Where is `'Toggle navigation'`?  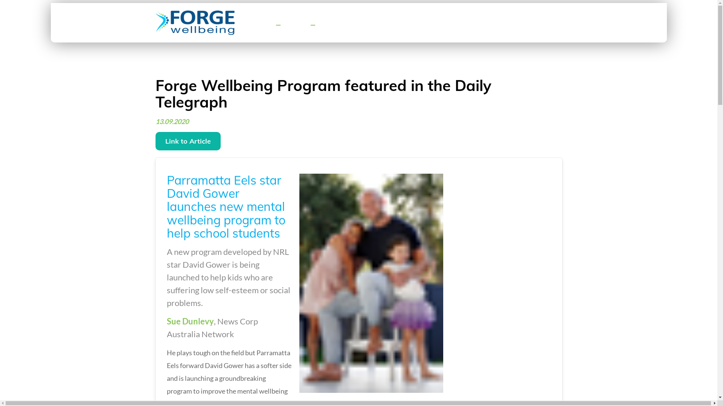 'Toggle navigation' is located at coordinates (313, 24).